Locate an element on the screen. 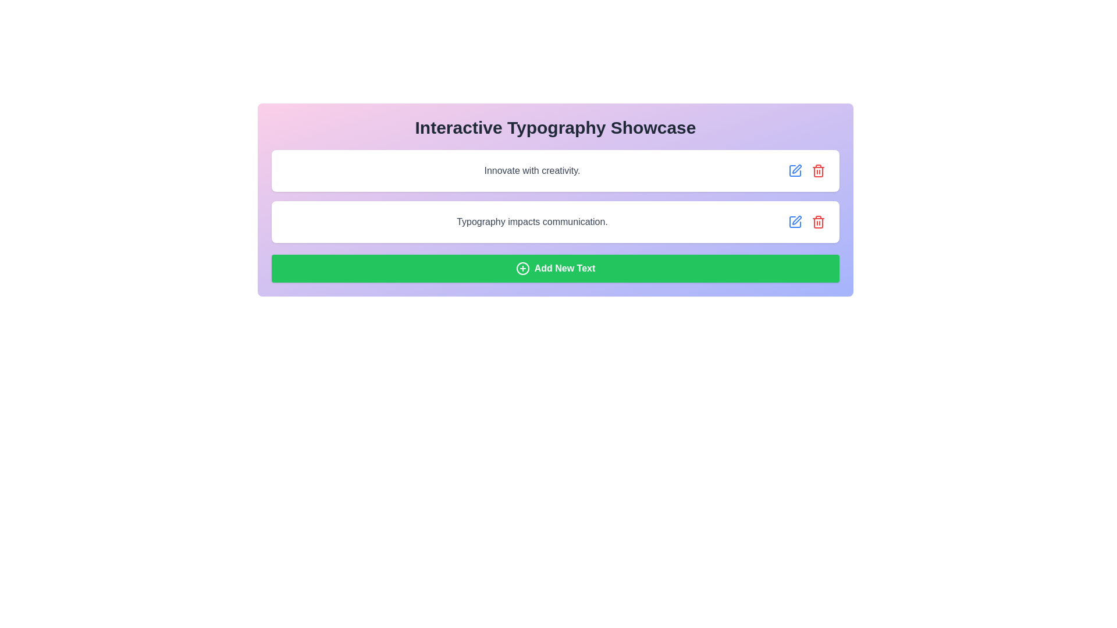 This screenshot has height=628, width=1117. the SVG circle element that forms the outer rim of the 'plus in a circle' icon on the green 'Add New Text' button, located at the bottom section of the interface is located at coordinates (522, 269).